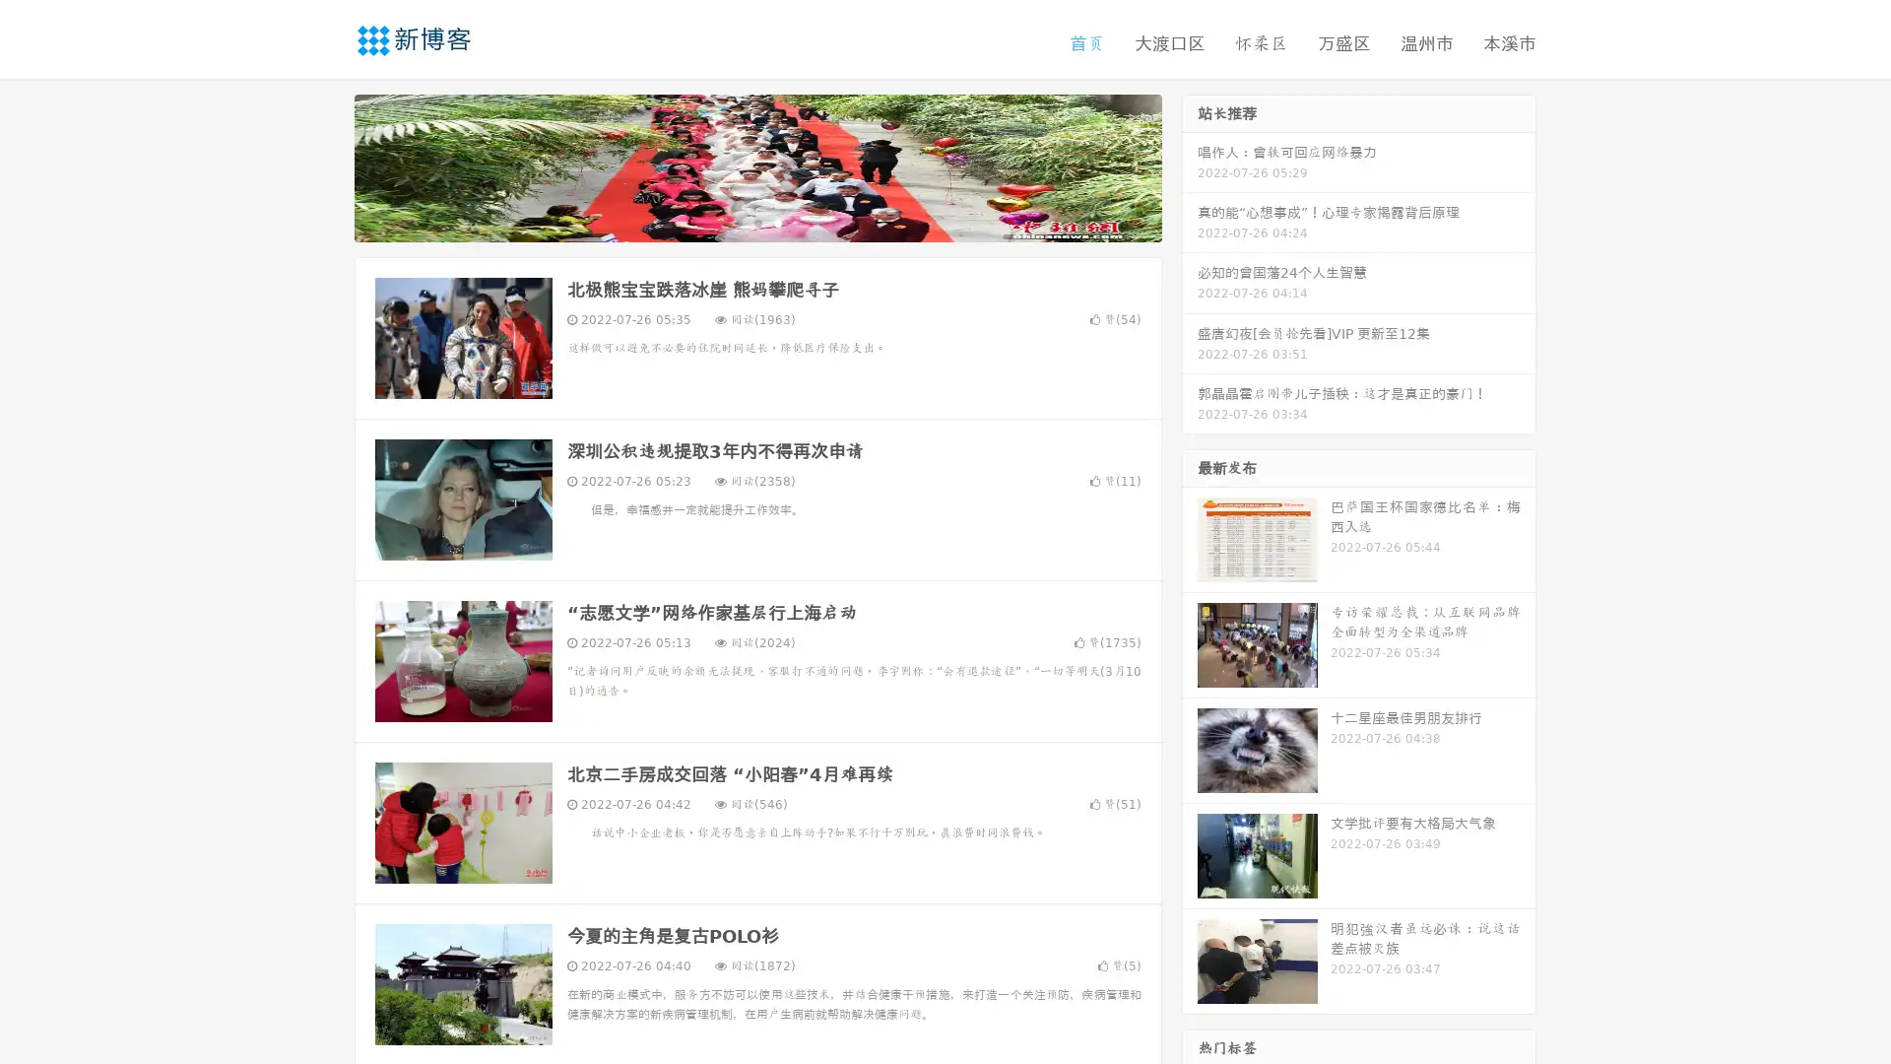 The image size is (1891, 1064). Describe the element at coordinates (777, 222) in the screenshot. I see `Go to slide 3` at that location.